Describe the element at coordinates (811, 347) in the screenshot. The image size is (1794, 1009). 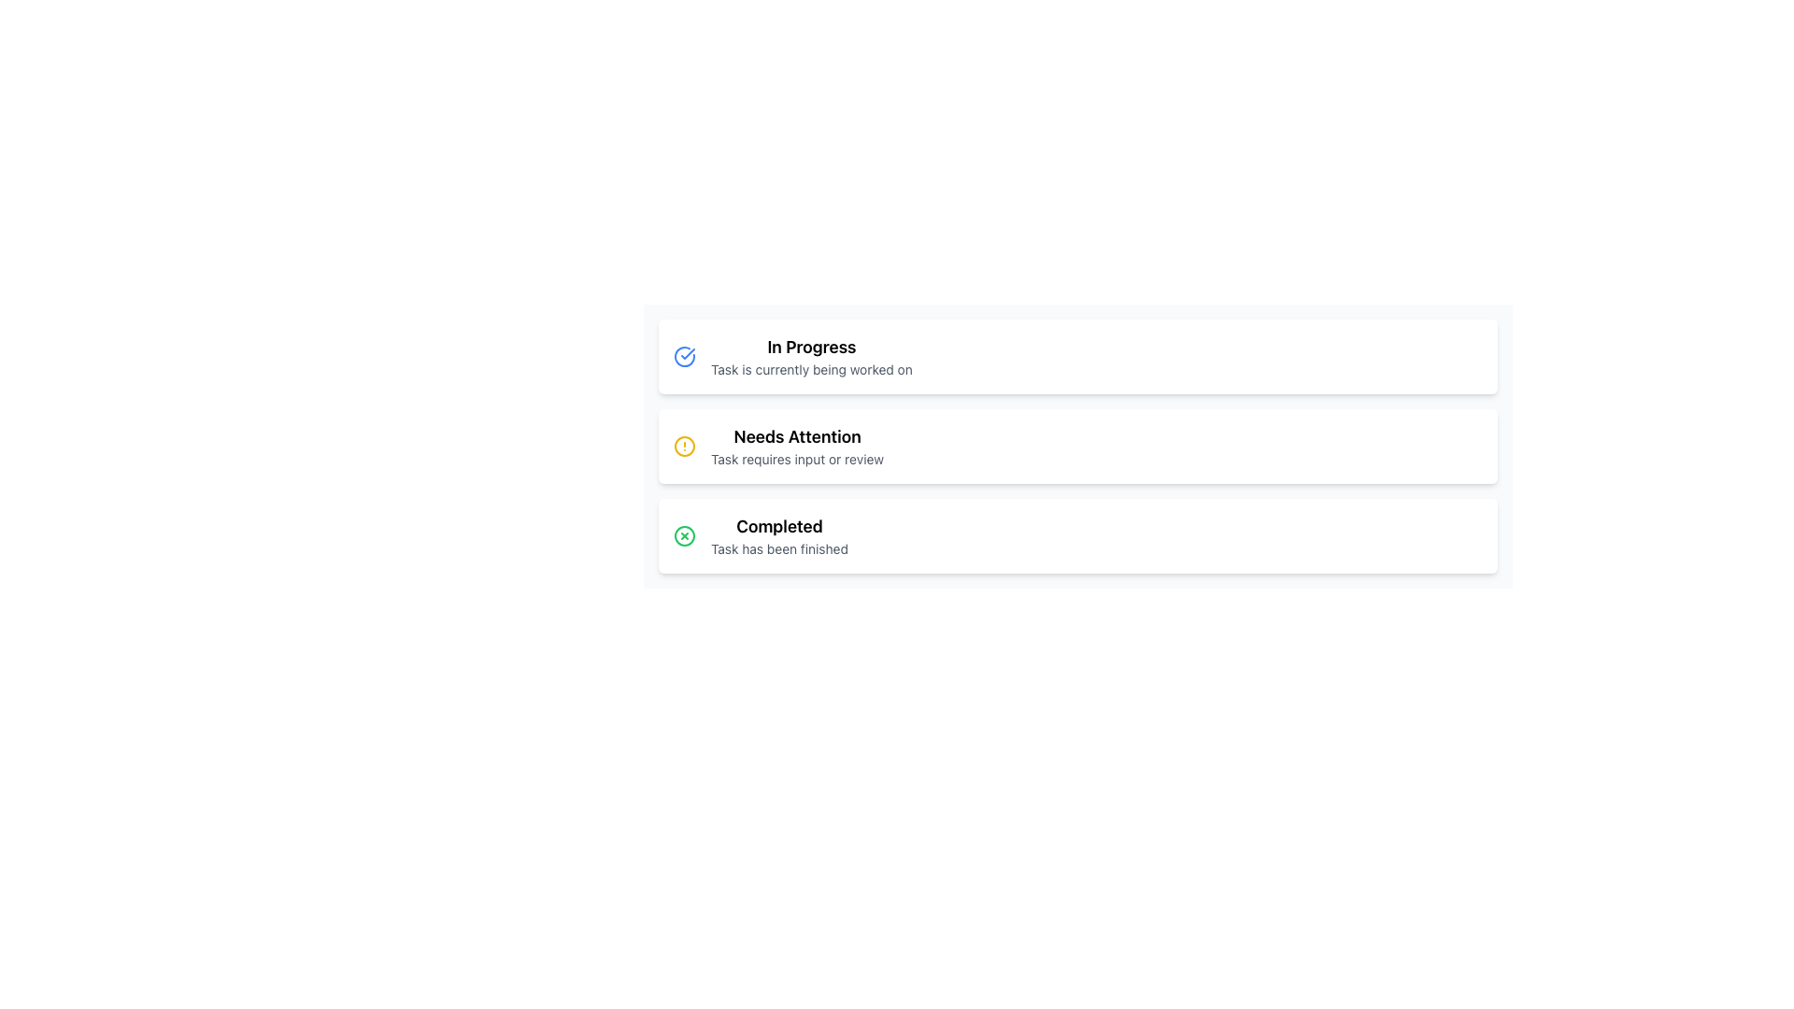
I see `the static text element displaying 'In Progress', which is styled with a large, bold font and is part of the topmost card in a vertical list of three cards` at that location.